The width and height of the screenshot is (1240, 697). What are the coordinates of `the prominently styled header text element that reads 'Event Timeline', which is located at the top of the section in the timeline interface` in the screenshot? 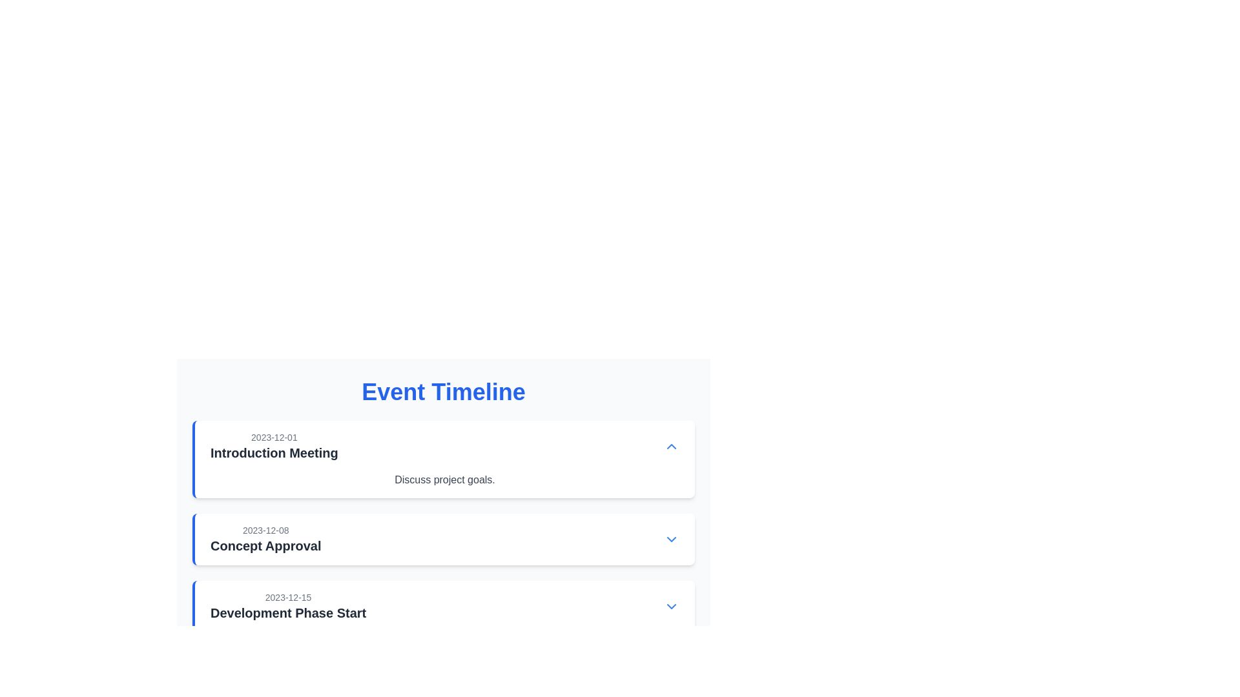 It's located at (443, 392).